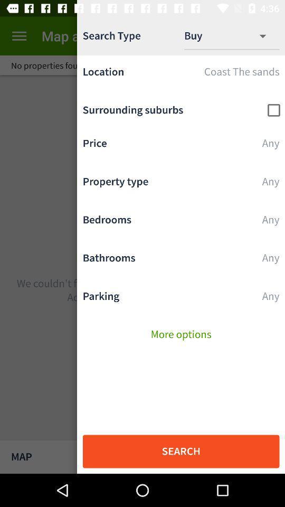  I want to click on bathrooms, so click(180, 260).